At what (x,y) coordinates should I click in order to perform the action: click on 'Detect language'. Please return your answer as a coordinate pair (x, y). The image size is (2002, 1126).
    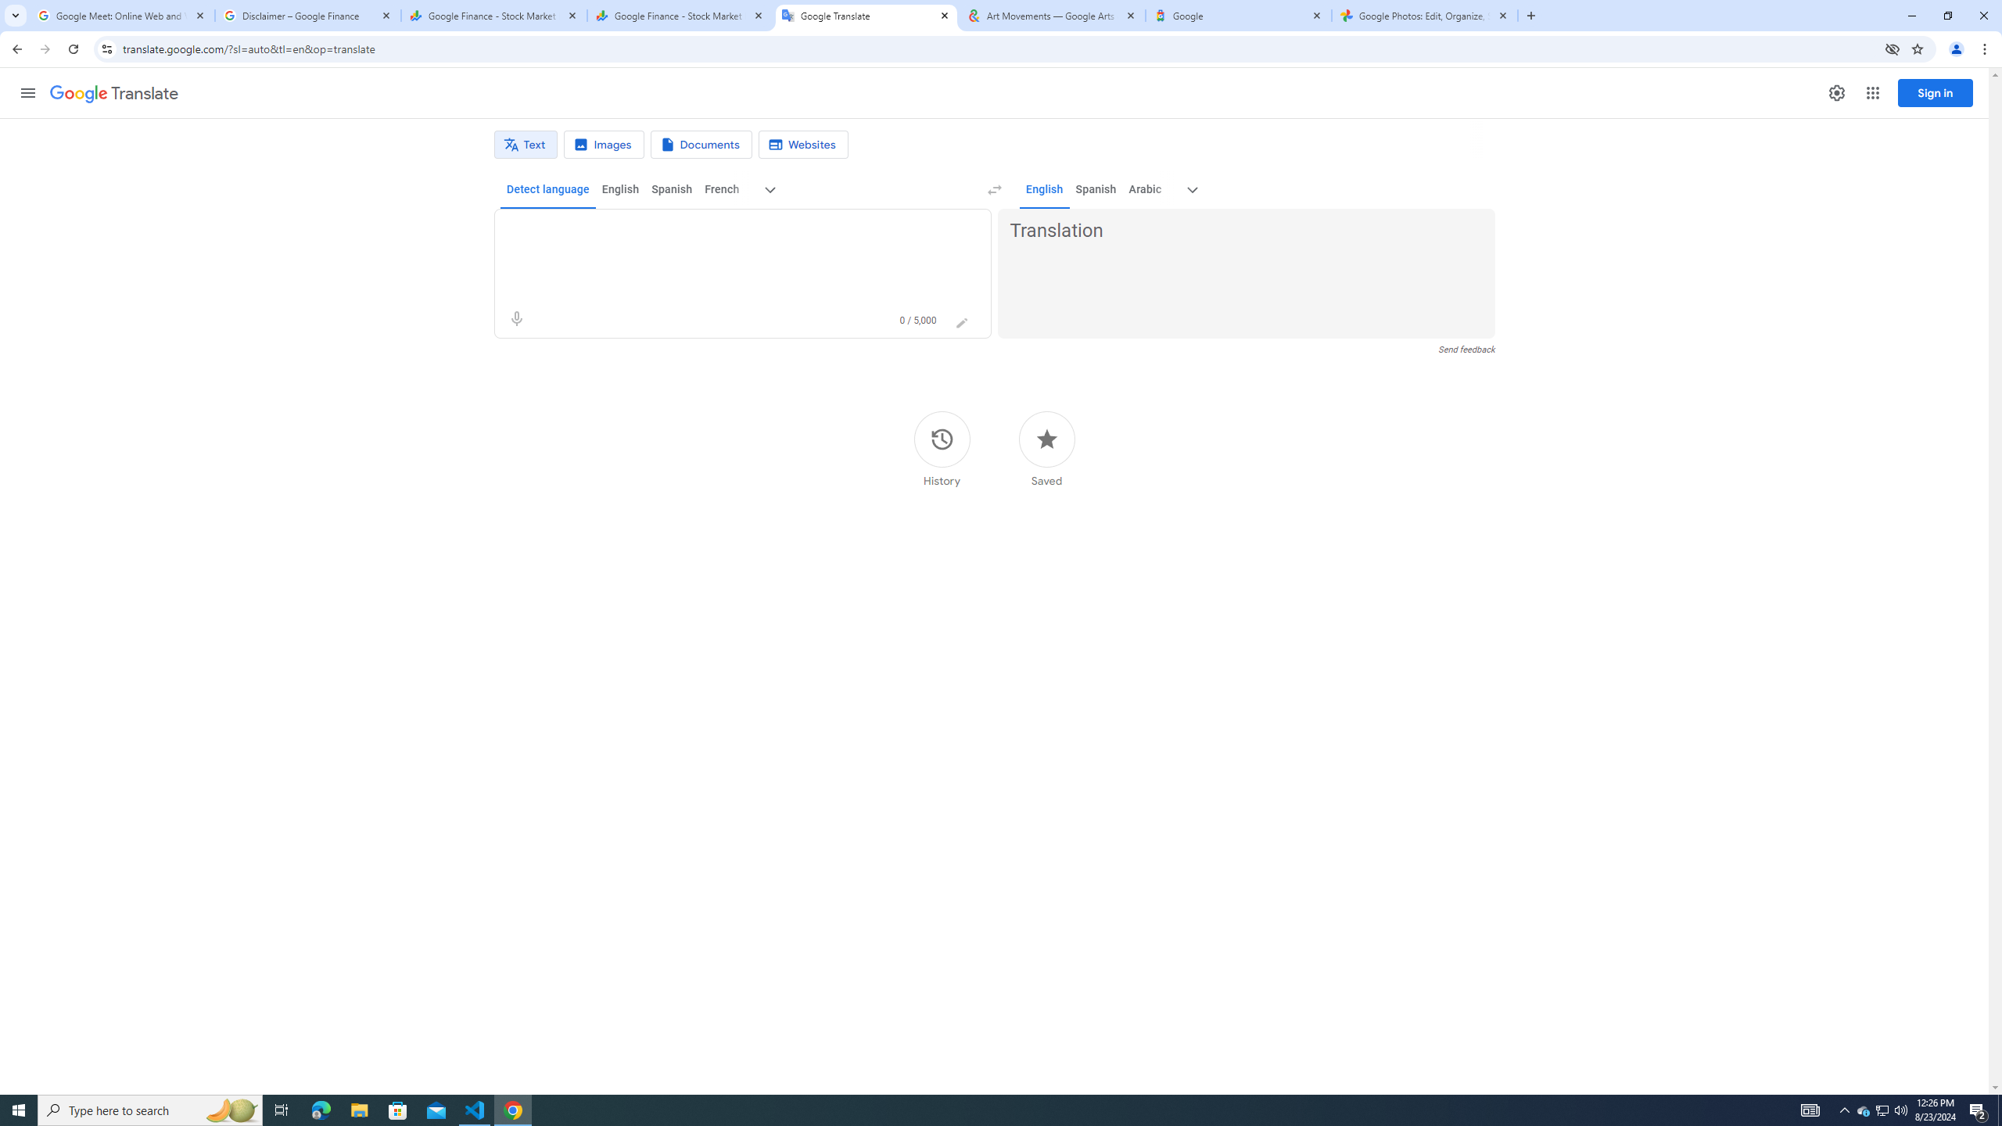
    Looking at the image, I should click on (548, 188).